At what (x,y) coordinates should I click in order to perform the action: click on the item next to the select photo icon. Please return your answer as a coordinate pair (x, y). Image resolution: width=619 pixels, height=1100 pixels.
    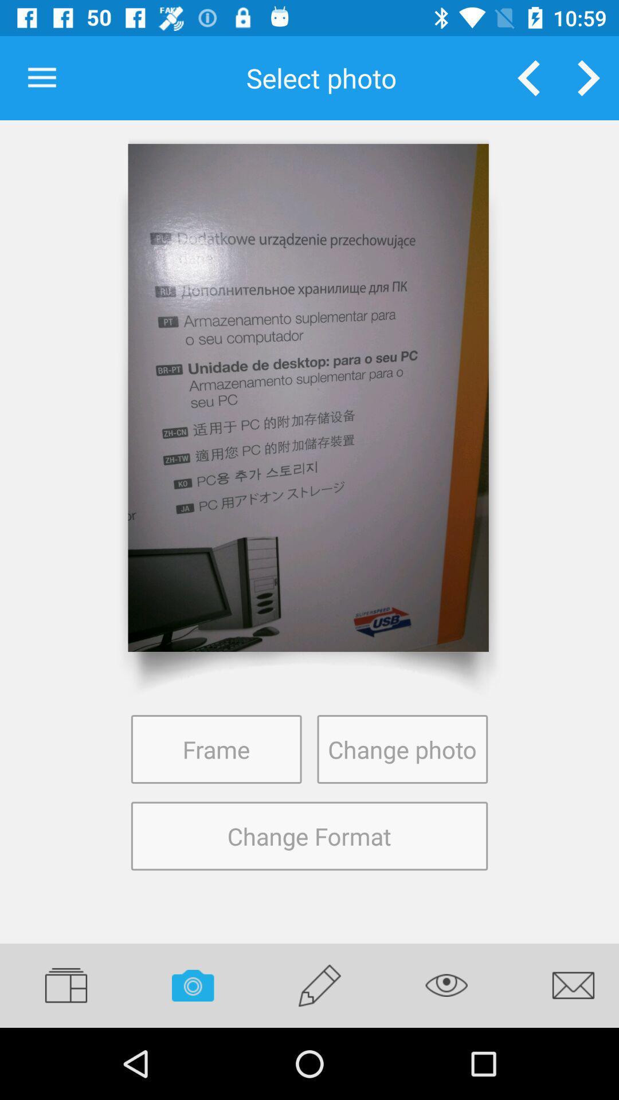
    Looking at the image, I should click on (528, 77).